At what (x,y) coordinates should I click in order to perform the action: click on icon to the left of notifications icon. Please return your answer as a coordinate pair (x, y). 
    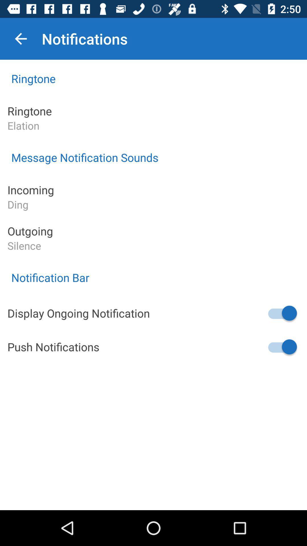
    Looking at the image, I should click on (20, 38).